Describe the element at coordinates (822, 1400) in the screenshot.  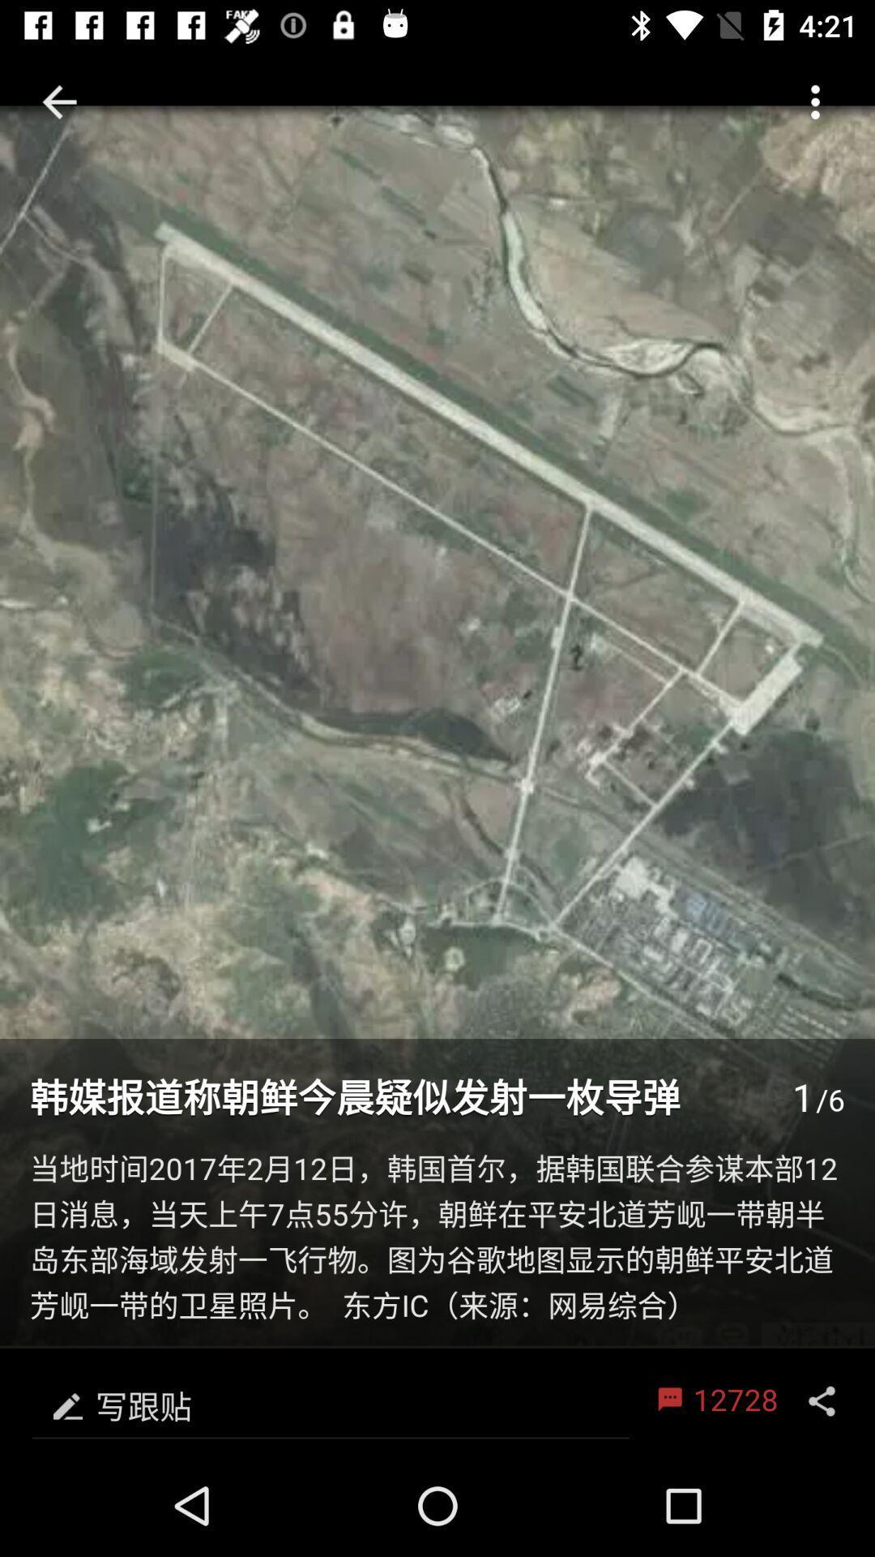
I see `icon to the right of 12728 icon` at that location.